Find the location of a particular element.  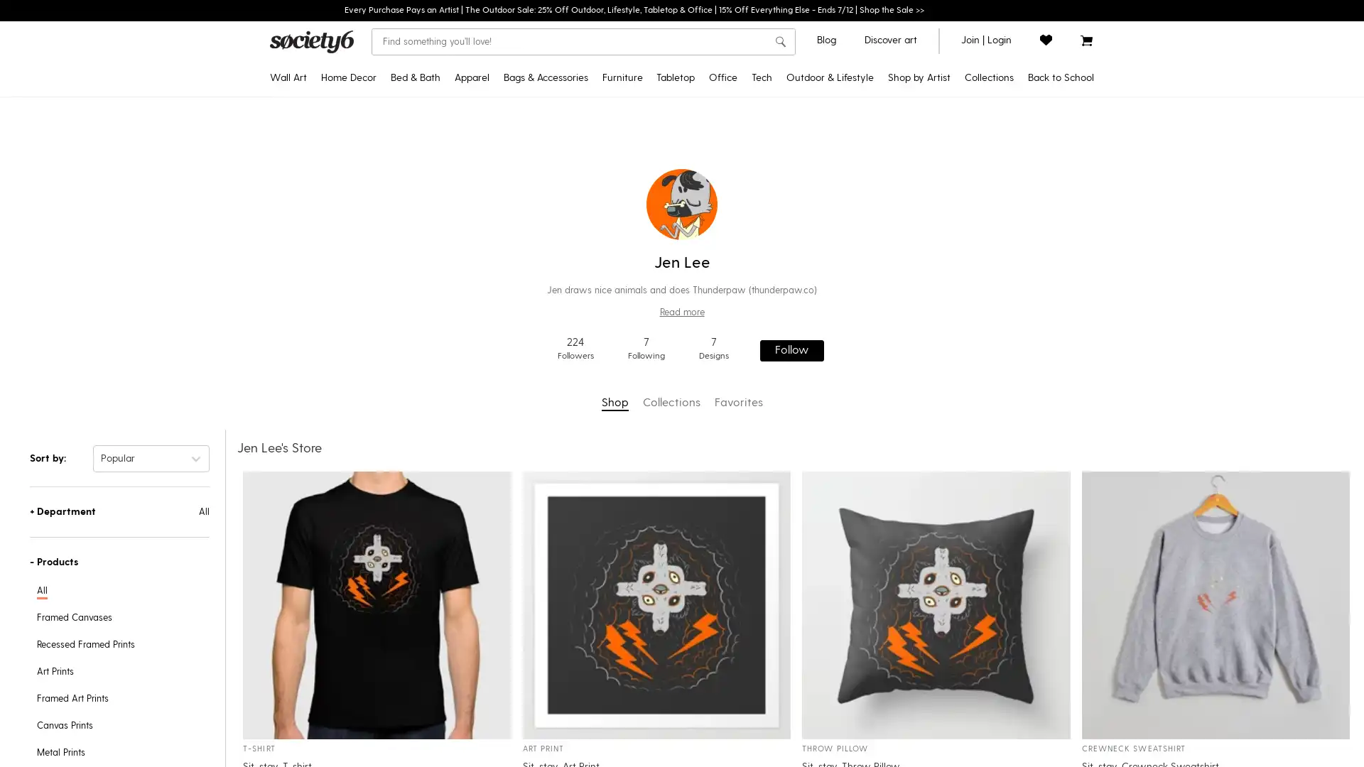

2022 Home Decor Guide is located at coordinates (936, 137).